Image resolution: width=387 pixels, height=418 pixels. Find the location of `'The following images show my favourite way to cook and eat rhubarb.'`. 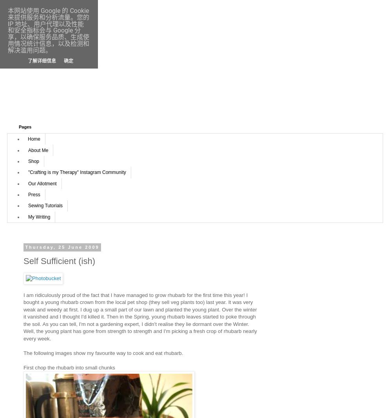

'The following images show my favourite way to cook and eat rhubarb.' is located at coordinates (103, 353).